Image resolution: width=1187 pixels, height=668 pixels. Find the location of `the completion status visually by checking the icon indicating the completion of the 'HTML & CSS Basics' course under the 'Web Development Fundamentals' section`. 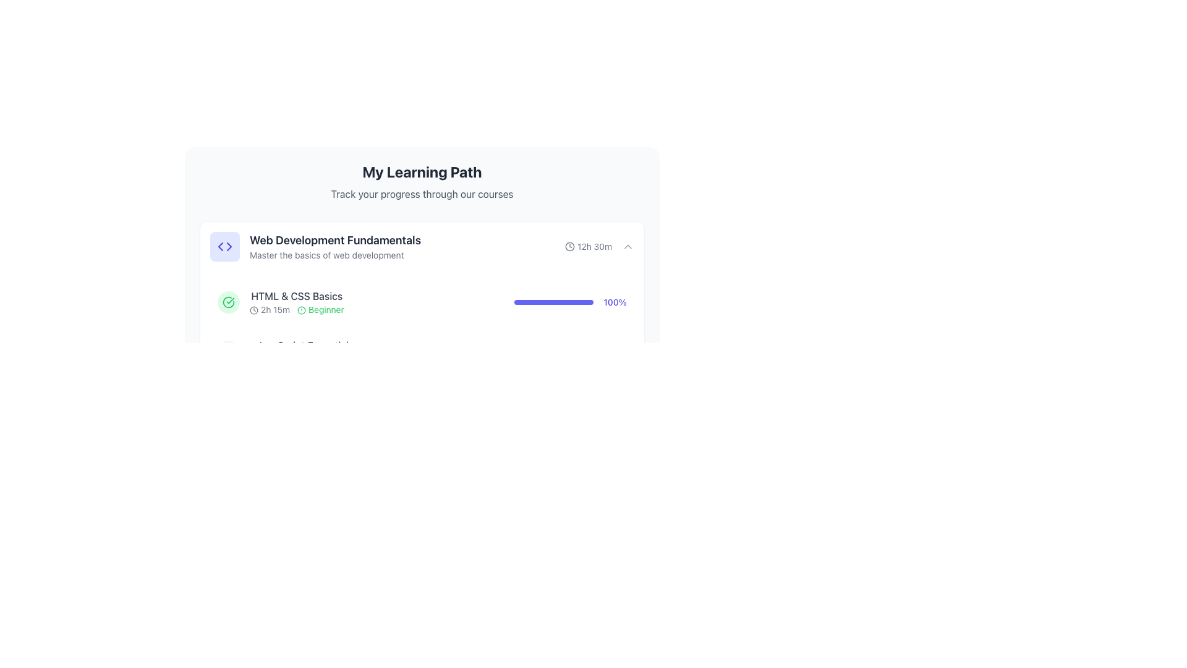

the completion status visually by checking the icon indicating the completion of the 'HTML & CSS Basics' course under the 'Web Development Fundamentals' section is located at coordinates (228, 302).